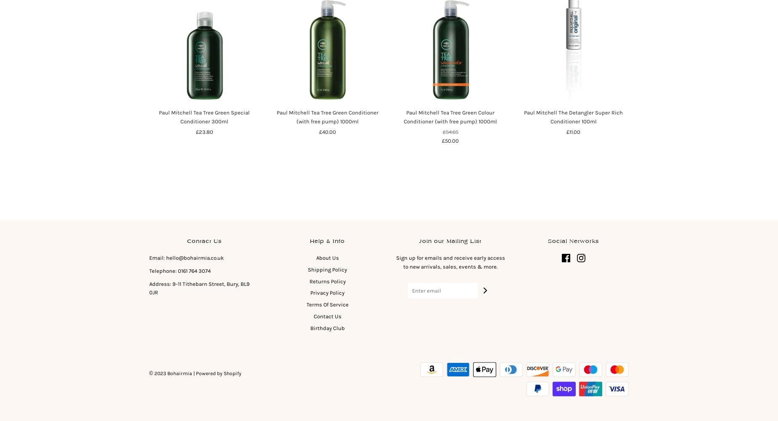  I want to click on 'Telephone: 0161 764 3074', so click(149, 270).